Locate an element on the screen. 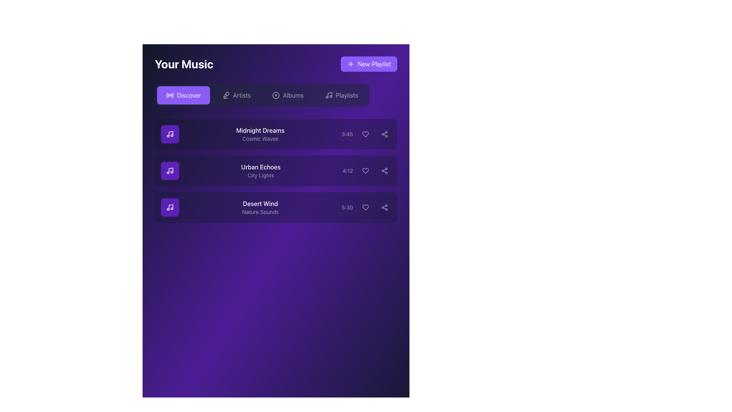 The image size is (732, 412). the icon representing the track or playlist titled 'Desert Wind' is located at coordinates (170, 207).